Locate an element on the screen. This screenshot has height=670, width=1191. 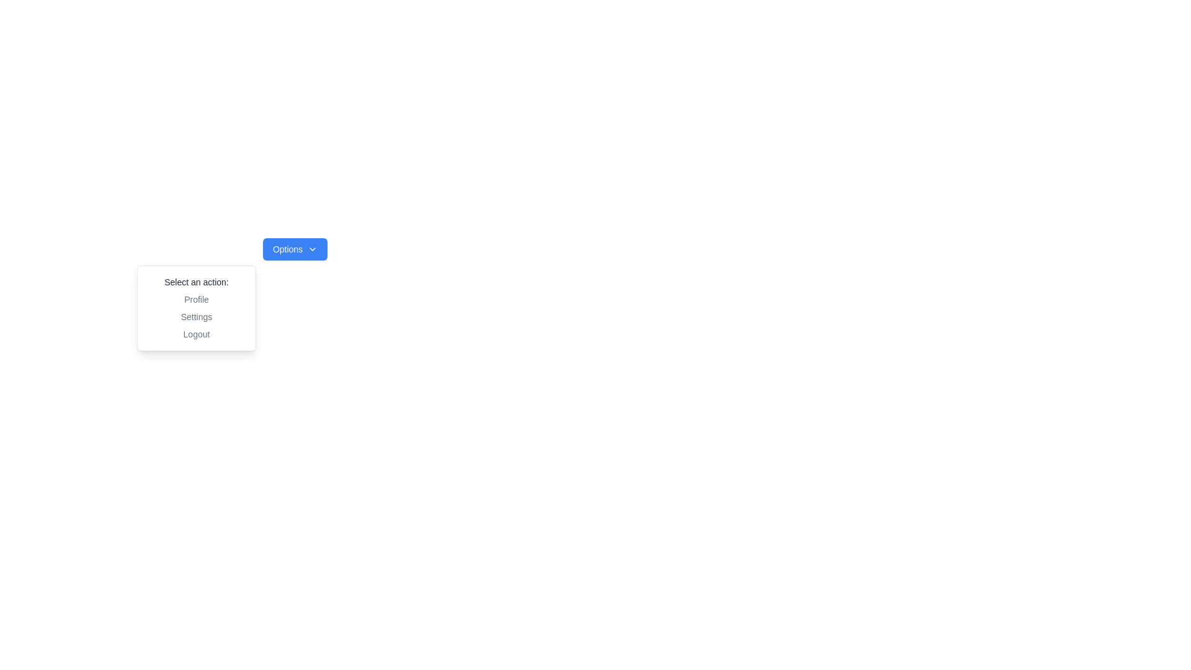
the 'Logout' text label, which is the third item in a vertically-aligned list within the dropdown interface, located below 'Settings' is located at coordinates (195, 334).